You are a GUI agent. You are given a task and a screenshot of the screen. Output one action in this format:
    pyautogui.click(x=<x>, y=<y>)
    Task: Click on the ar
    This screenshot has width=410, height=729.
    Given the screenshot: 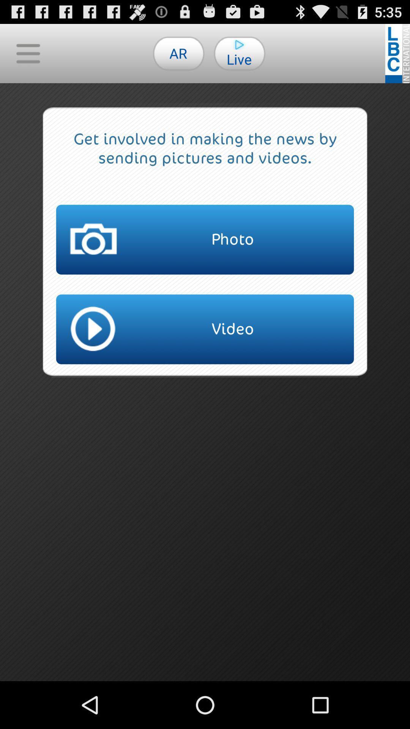 What is the action you would take?
    pyautogui.click(x=178, y=53)
    